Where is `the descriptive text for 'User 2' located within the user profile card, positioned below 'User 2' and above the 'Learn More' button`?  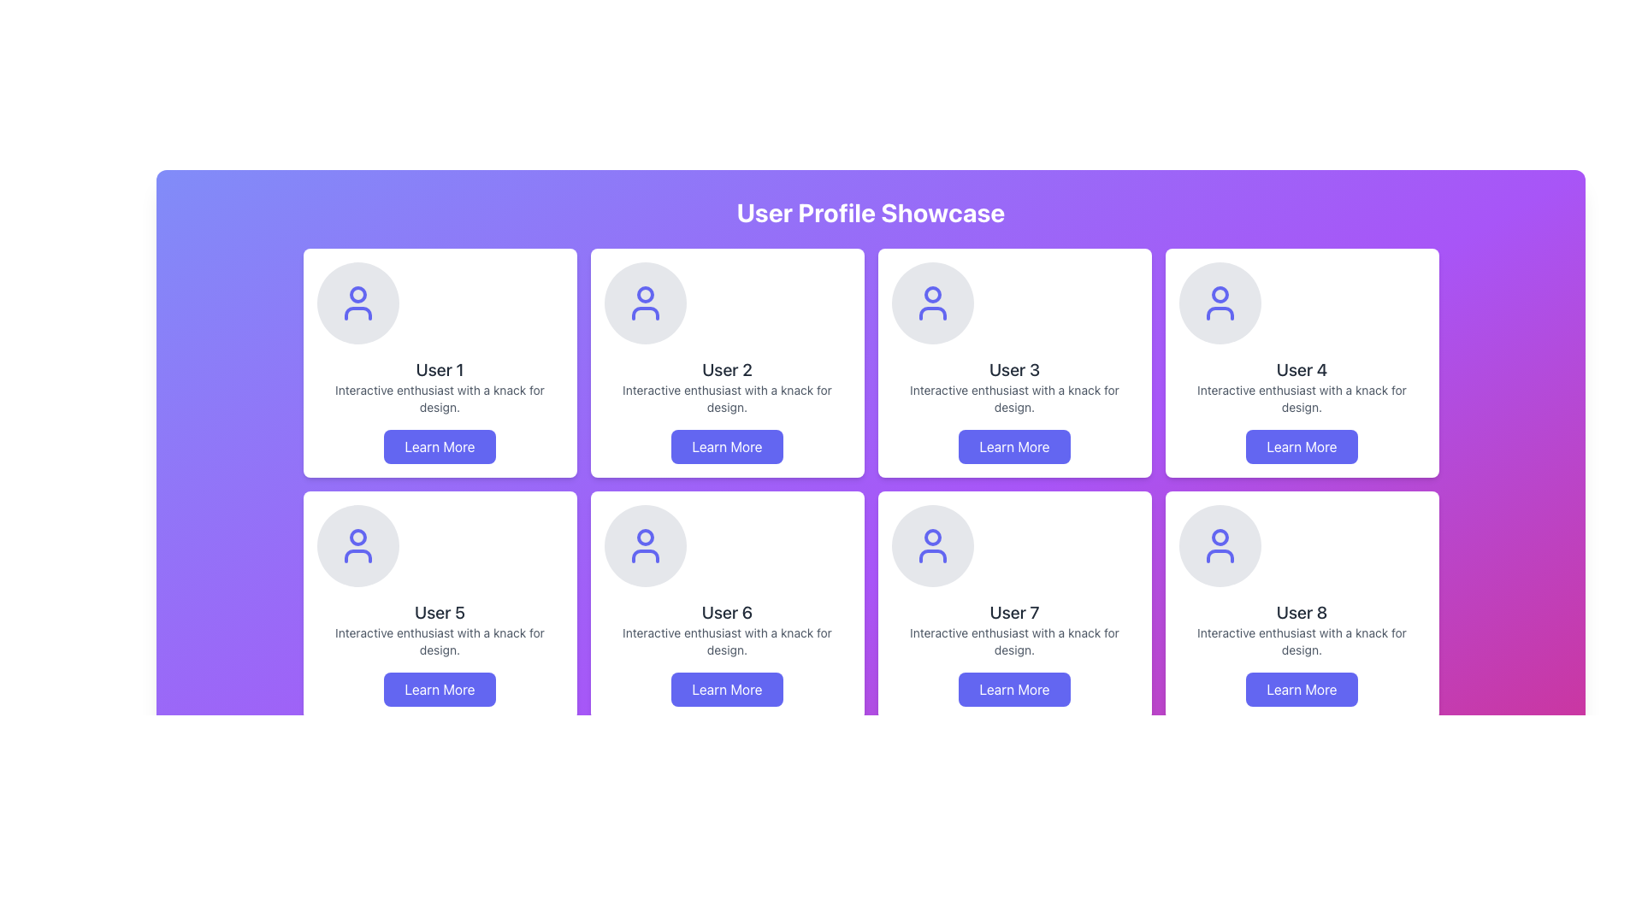 the descriptive text for 'User 2' located within the user profile card, positioned below 'User 2' and above the 'Learn More' button is located at coordinates (727, 398).